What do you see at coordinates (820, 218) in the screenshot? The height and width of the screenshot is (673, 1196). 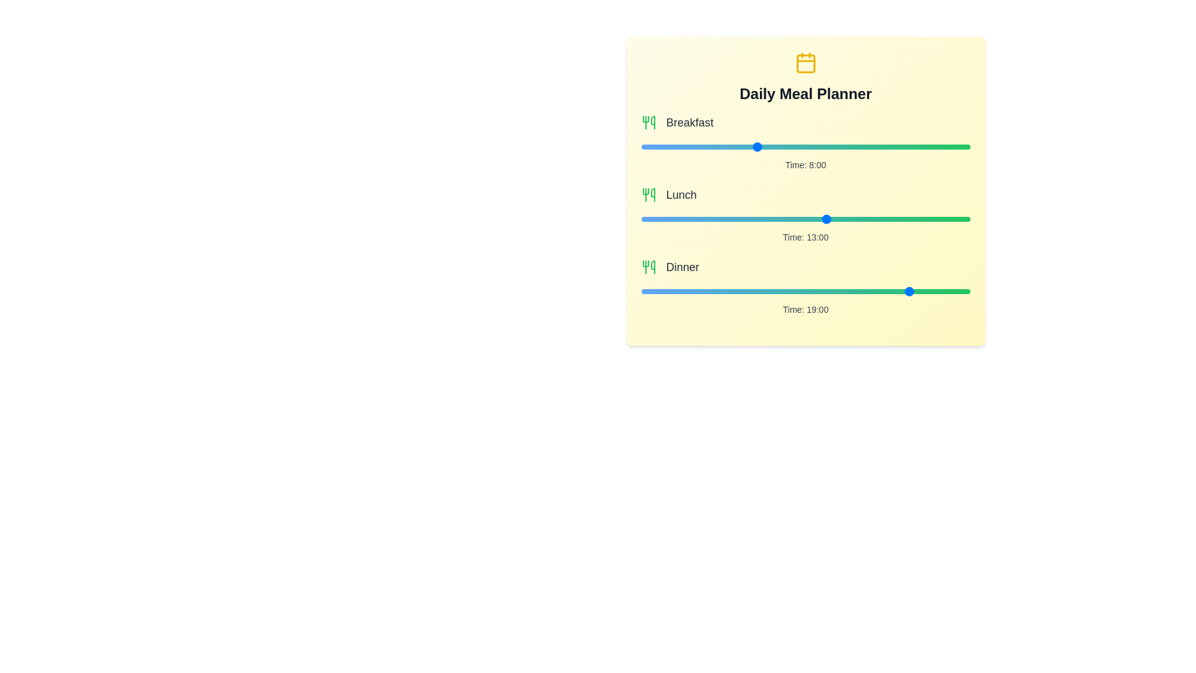 I see `the 1 slider to 1 hours` at bounding box center [820, 218].